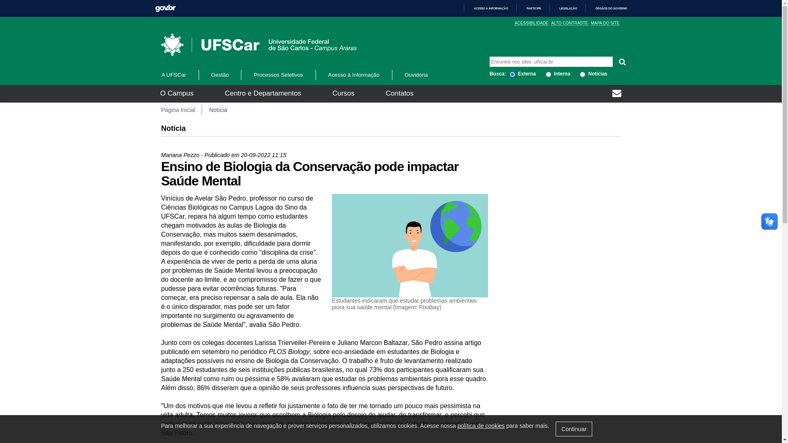 The width and height of the screenshot is (788, 443). I want to click on 'O Campus', so click(176, 93).